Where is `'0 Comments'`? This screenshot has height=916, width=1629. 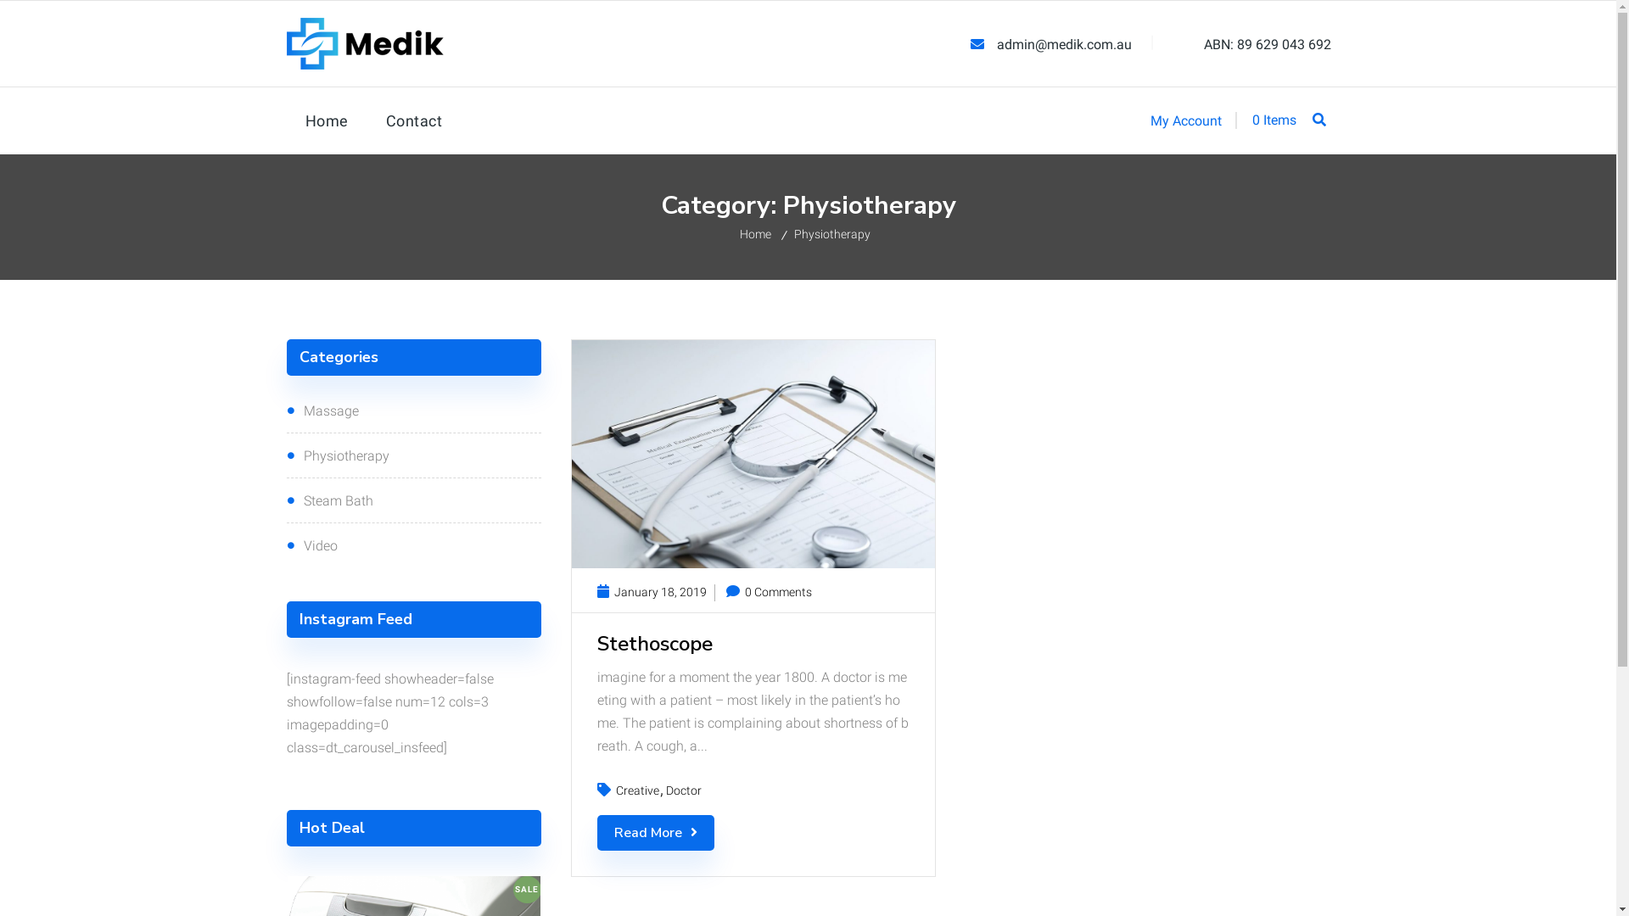 '0 Comments' is located at coordinates (768, 591).